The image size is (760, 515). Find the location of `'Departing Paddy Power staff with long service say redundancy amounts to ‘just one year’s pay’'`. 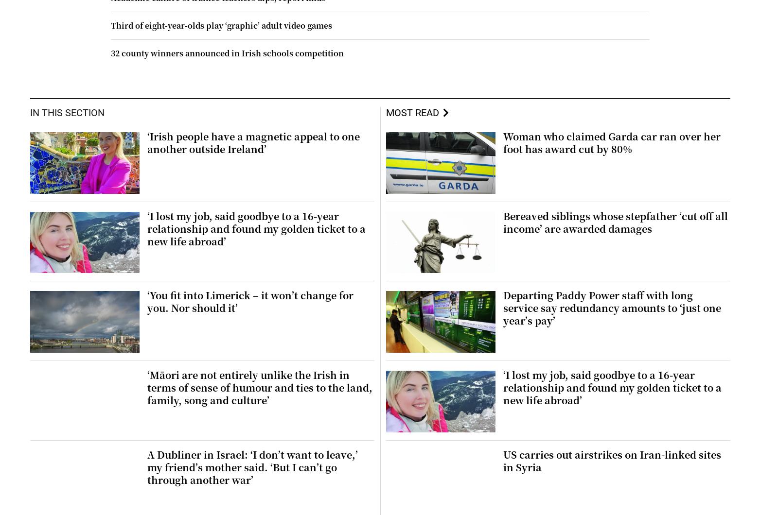

'Departing Paddy Power staff with long service say redundancy amounts to ‘just one year’s pay’' is located at coordinates (502, 308).